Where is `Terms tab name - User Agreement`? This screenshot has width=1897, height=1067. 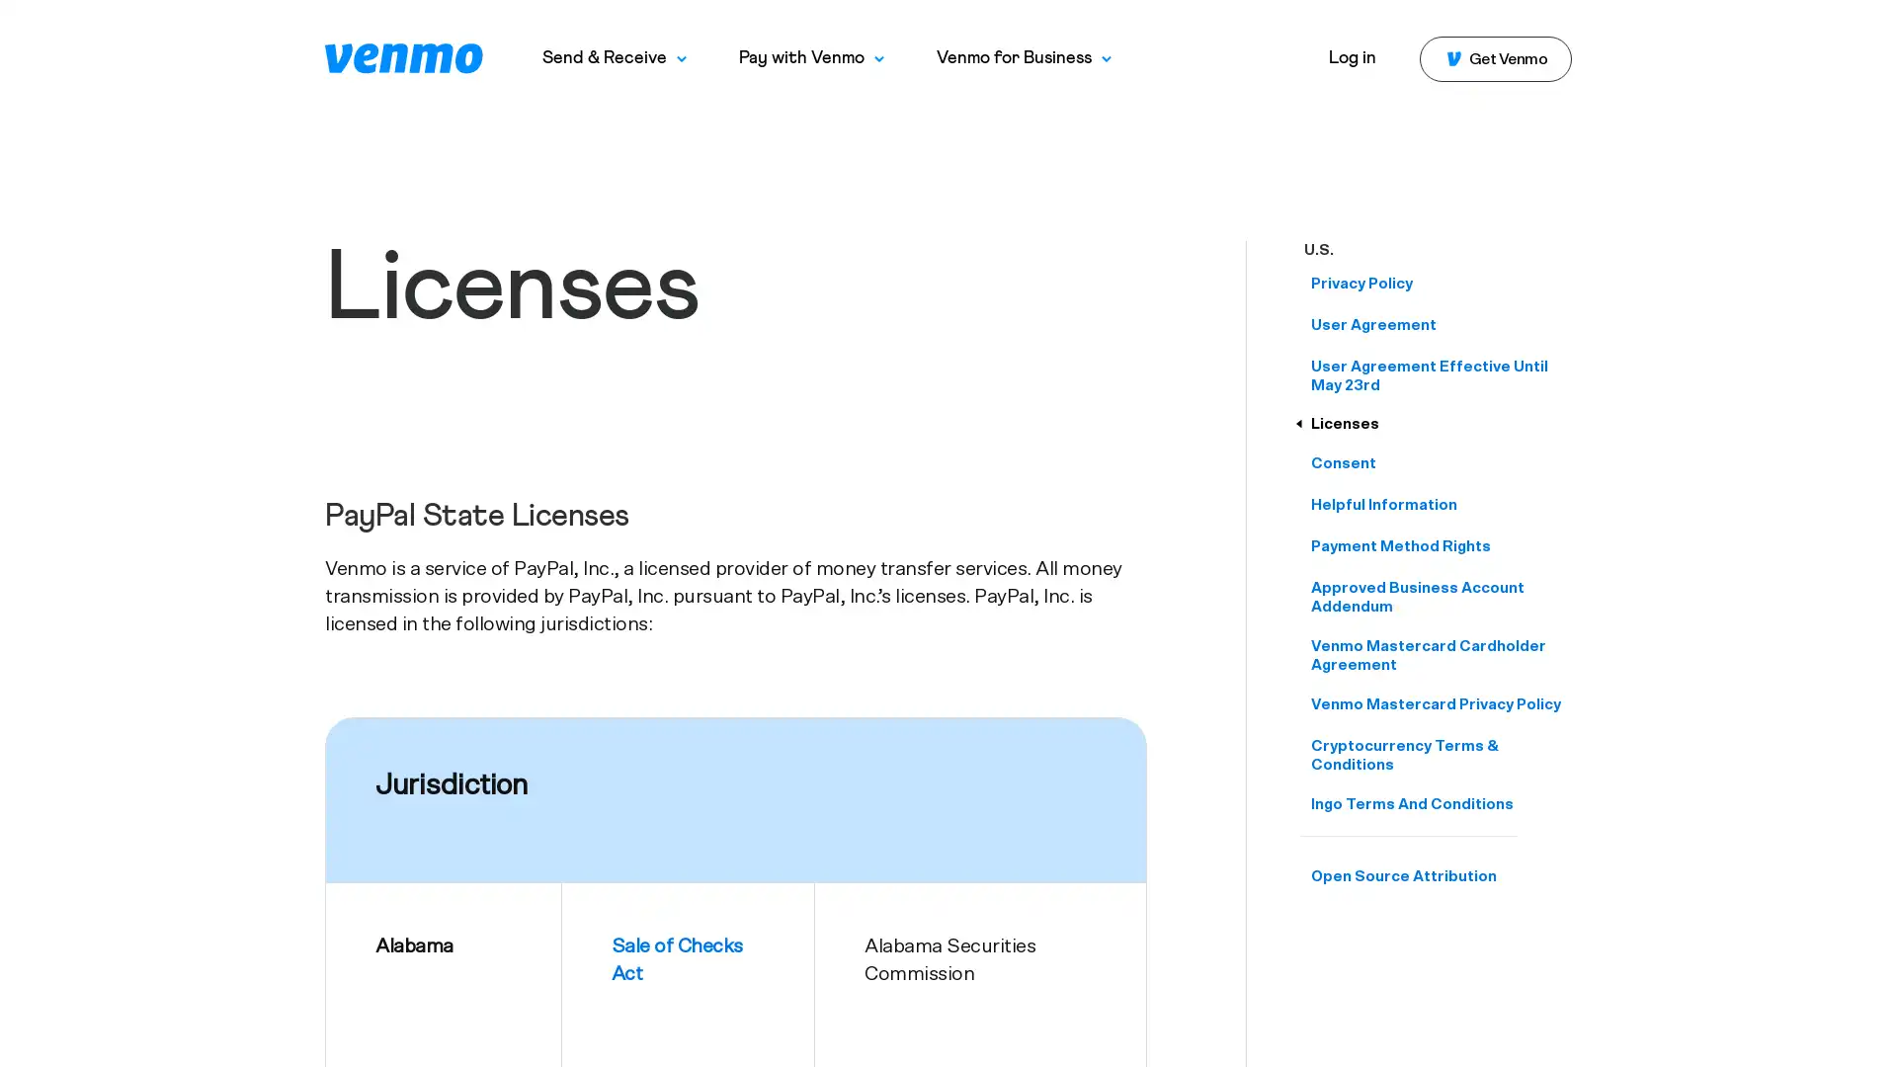 Terms tab name - User Agreement is located at coordinates (1441, 324).